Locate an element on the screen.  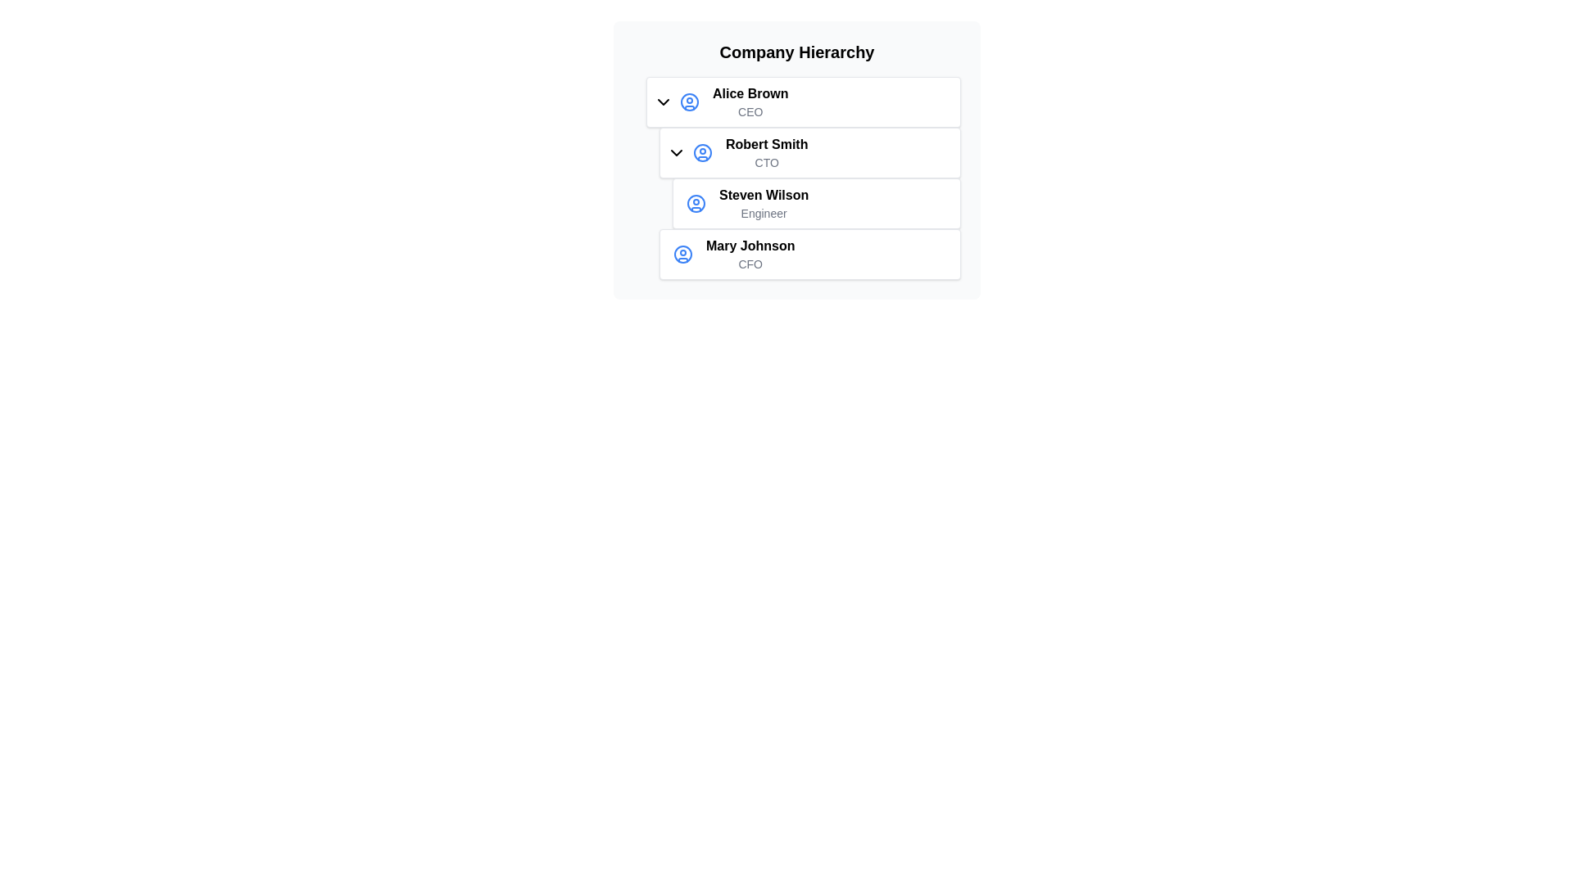
the SVG graphical circle representing Robert Smith's role in the Company Hierarchy interface is located at coordinates (703, 152).